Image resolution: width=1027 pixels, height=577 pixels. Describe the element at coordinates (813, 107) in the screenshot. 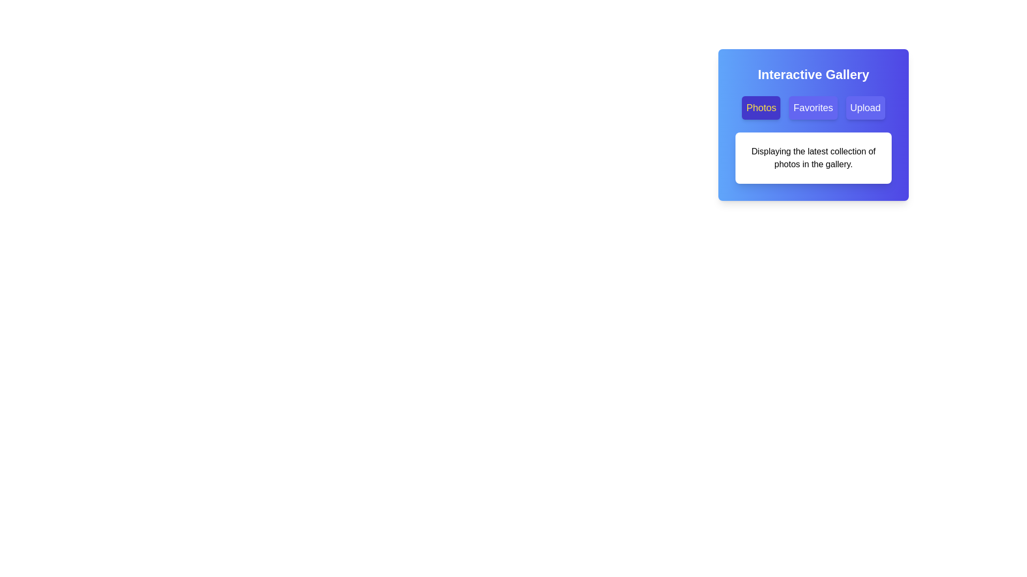

I see `the 'Favorites' button located in the navigation bar under the title 'Interactive Gallery'` at that location.